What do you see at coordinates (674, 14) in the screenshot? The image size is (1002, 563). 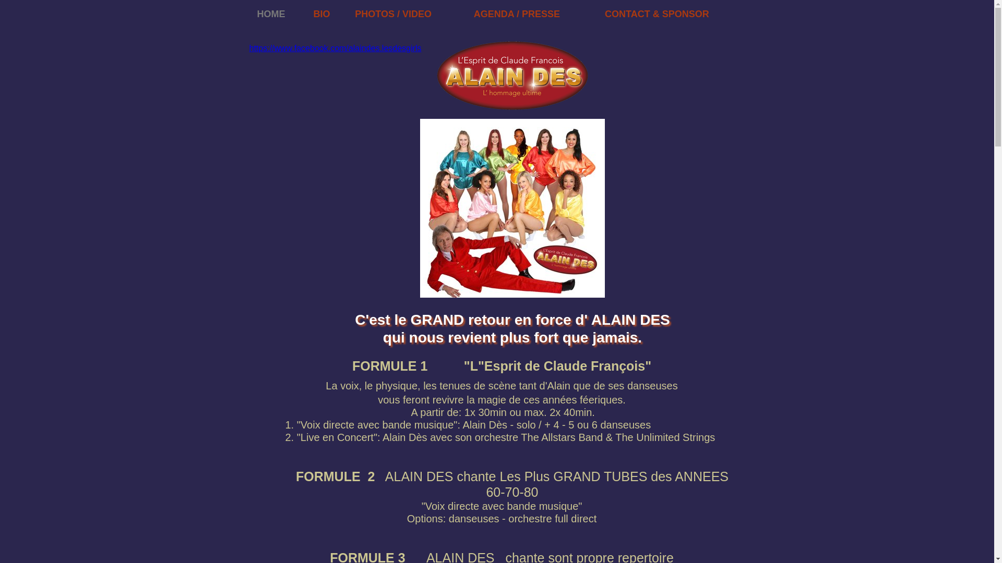 I see `'CONTACT & SPONSOR'` at bounding box center [674, 14].